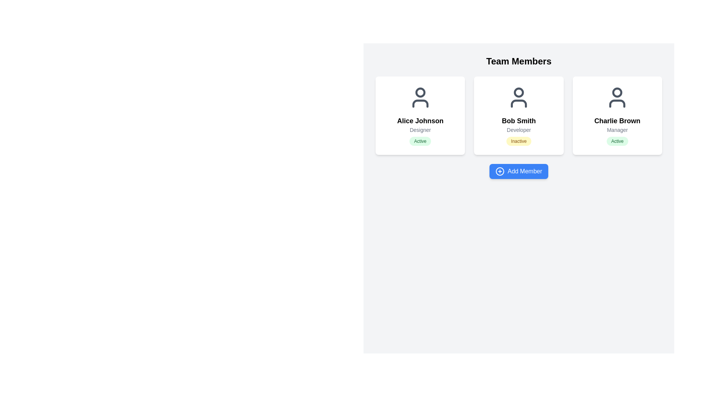  What do you see at coordinates (518, 116) in the screenshot?
I see `the User profile card for 'Bob Smith', which features a white background, rounded corners, and a yellow 'Inactive' badge at the bottom` at bounding box center [518, 116].